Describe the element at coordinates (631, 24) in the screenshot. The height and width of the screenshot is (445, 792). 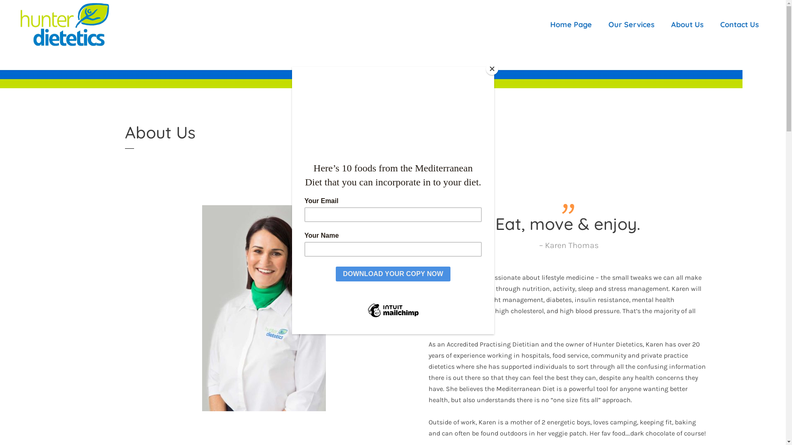
I see `'Our Services'` at that location.